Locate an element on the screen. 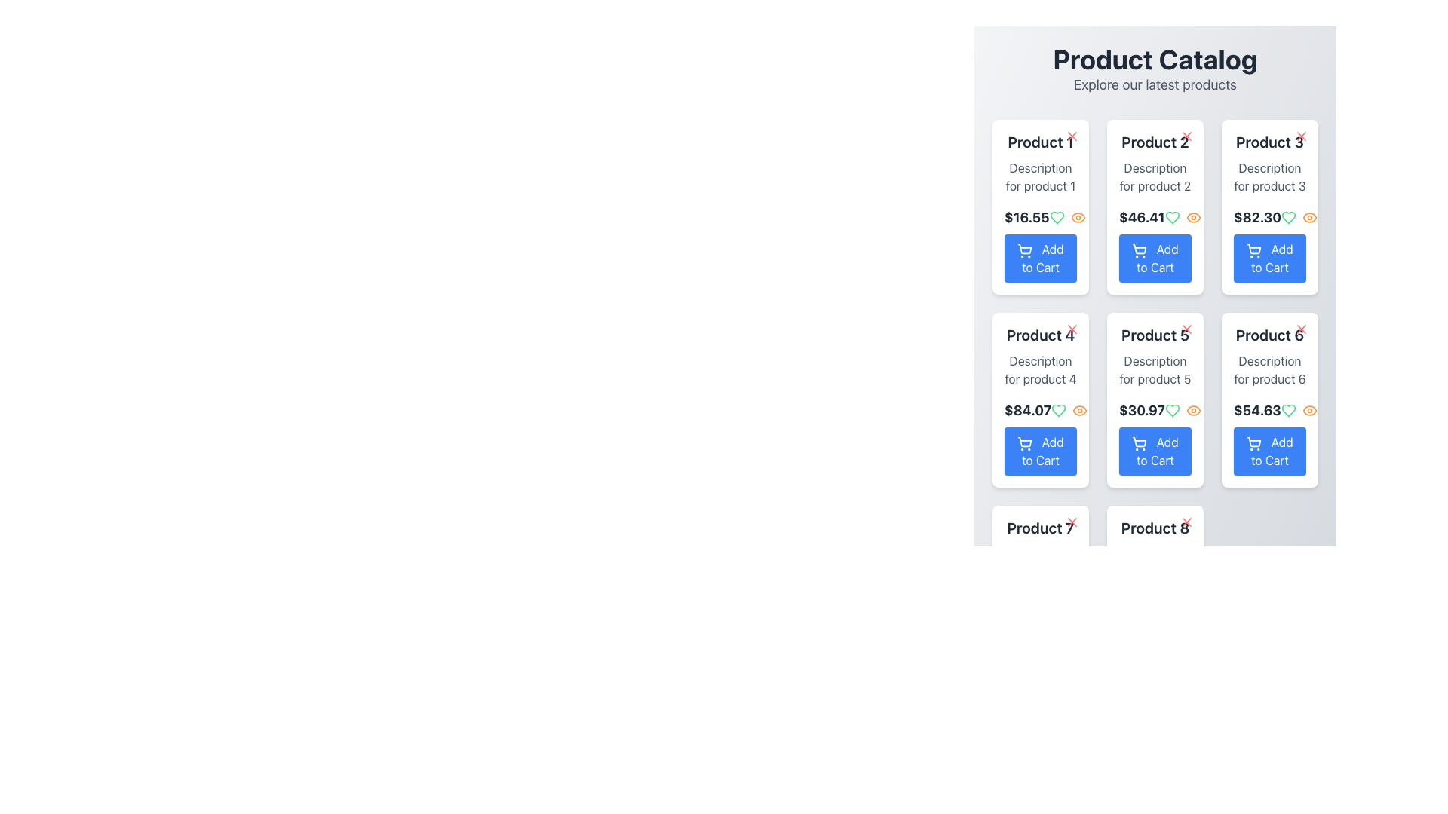 This screenshot has width=1448, height=814. price text displayed for 'Product 5', which is located below its description and above the 'Add to Cart' button within the product card is located at coordinates (1154, 410).